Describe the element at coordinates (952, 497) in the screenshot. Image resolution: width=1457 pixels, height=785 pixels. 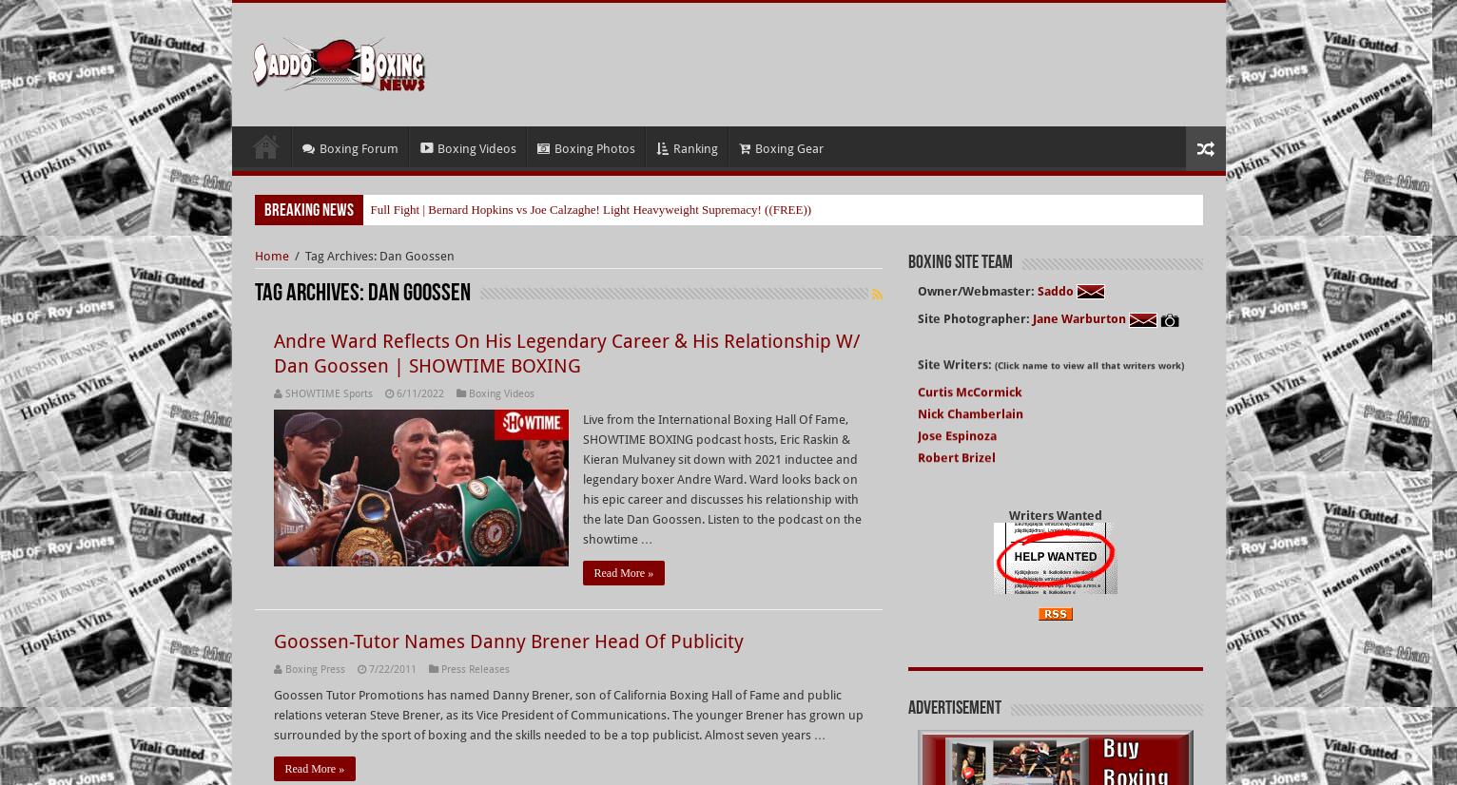
I see `'Bruce Dingo'` at that location.